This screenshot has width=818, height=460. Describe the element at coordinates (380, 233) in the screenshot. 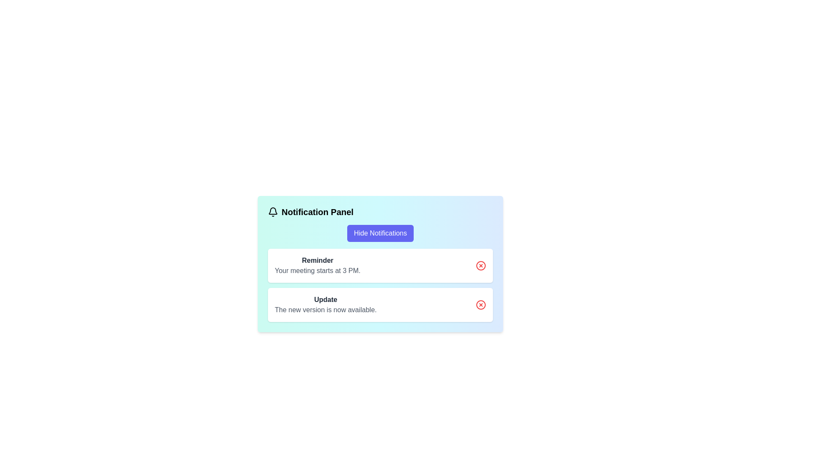

I see `the 'Hide Notifications' button, which is a rectangular button with a vibrant indigo color and white bold text, to visualize its hover effects` at that location.